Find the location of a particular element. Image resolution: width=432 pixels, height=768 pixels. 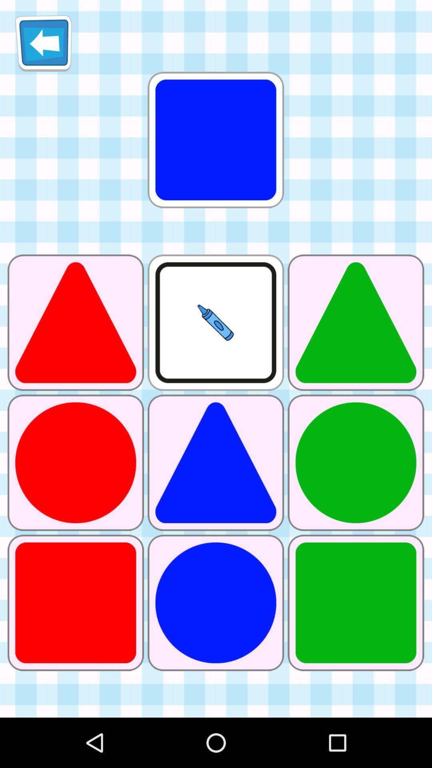

go back is located at coordinates (43, 43).